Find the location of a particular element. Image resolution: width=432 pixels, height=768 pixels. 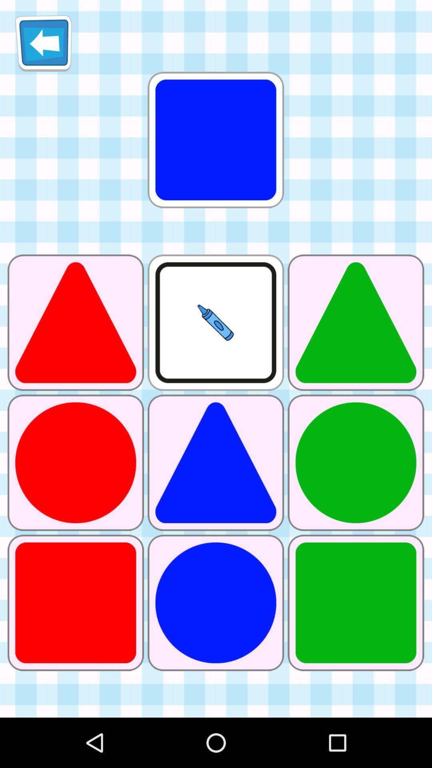

go back is located at coordinates (43, 43).